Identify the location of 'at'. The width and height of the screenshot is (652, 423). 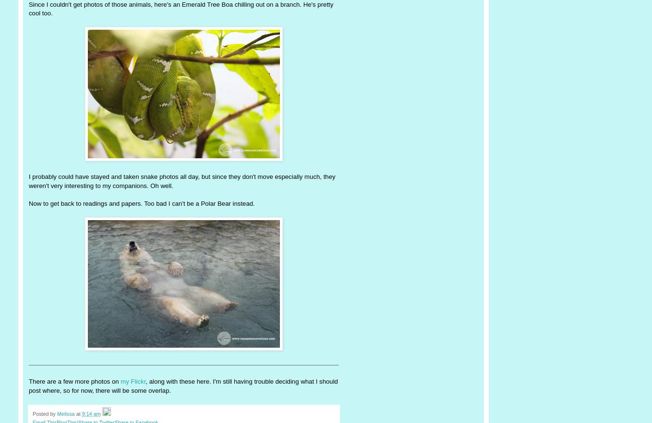
(79, 413).